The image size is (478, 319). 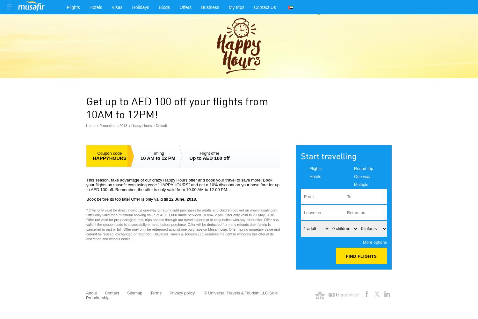 What do you see at coordinates (155, 293) in the screenshot?
I see `'Terms'` at bounding box center [155, 293].